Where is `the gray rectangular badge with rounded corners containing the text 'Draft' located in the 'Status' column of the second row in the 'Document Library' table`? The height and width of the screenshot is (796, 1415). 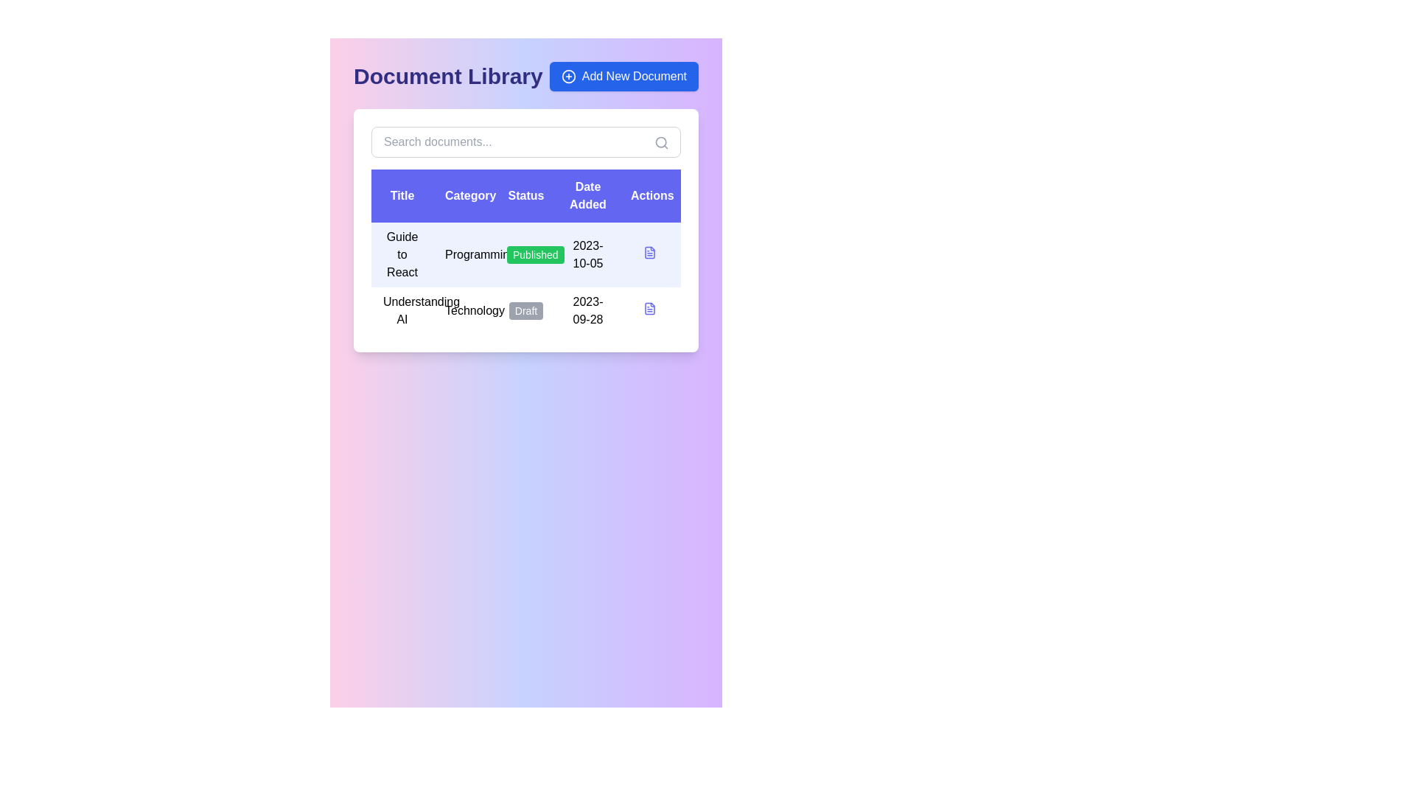
the gray rectangular badge with rounded corners containing the text 'Draft' located in the 'Status' column of the second row in the 'Document Library' table is located at coordinates (526, 310).